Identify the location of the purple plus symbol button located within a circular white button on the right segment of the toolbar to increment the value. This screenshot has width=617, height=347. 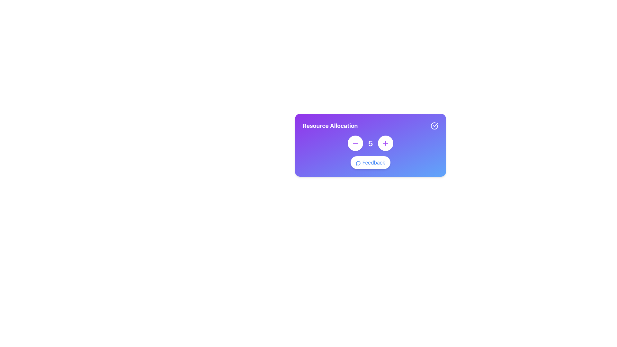
(386, 143).